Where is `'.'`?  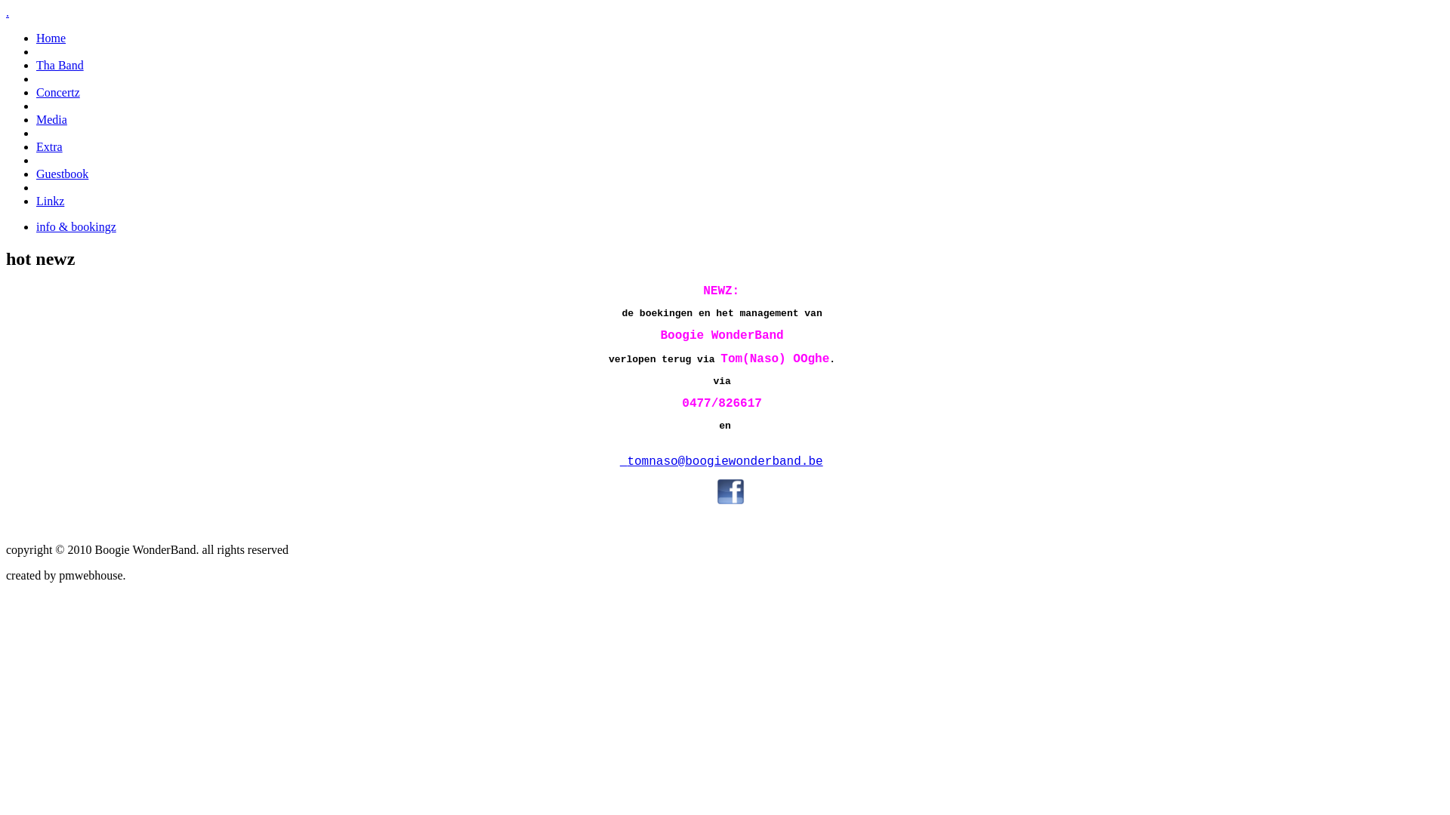 '.' is located at coordinates (7, 12).